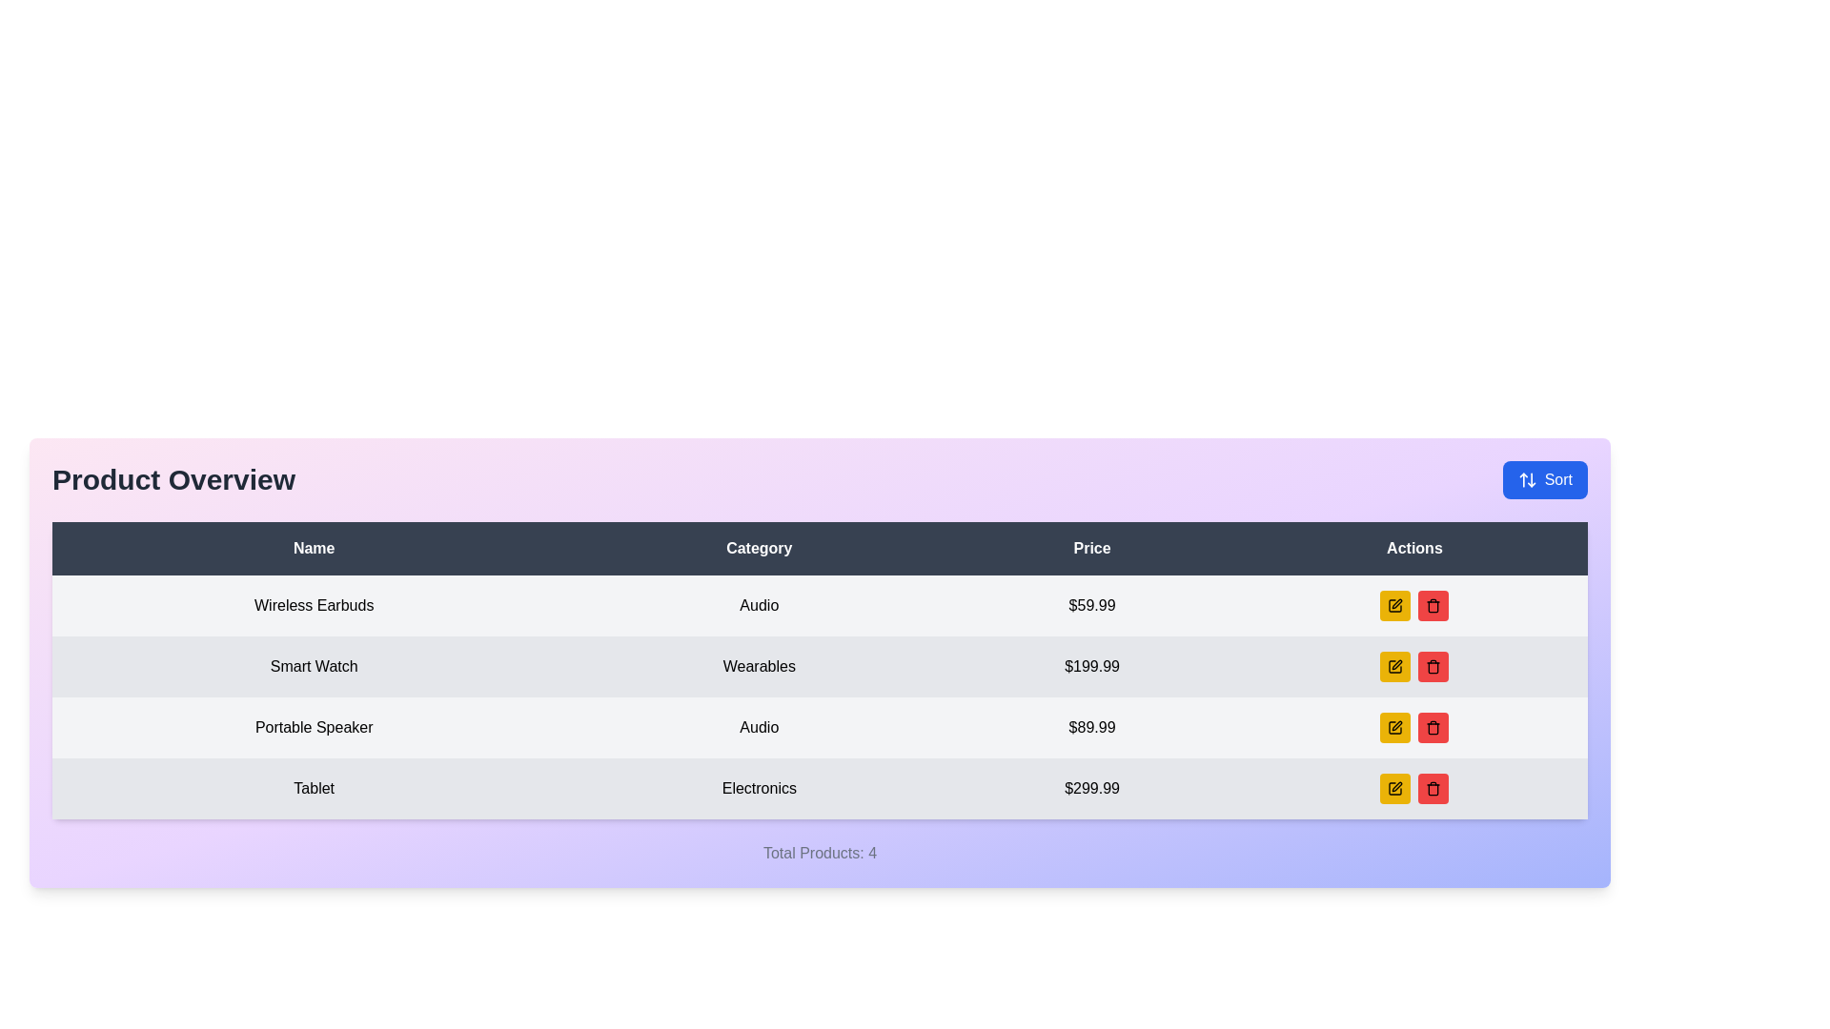  What do you see at coordinates (1092, 727) in the screenshot?
I see `the price label displaying '$89.99' in the 'Price' column of the 'Product Overview' table for the 'Portable Speaker'` at bounding box center [1092, 727].